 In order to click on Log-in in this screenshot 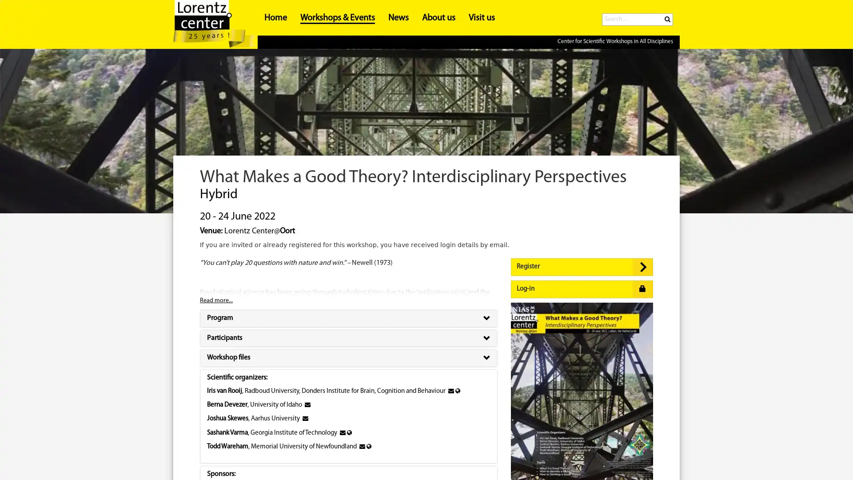, I will do `click(582, 289)`.